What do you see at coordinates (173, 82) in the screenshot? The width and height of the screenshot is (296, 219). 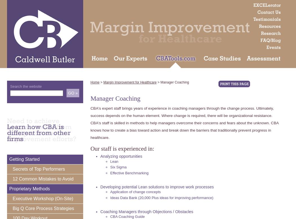 I see `'> Manager Coaching'` at bounding box center [173, 82].